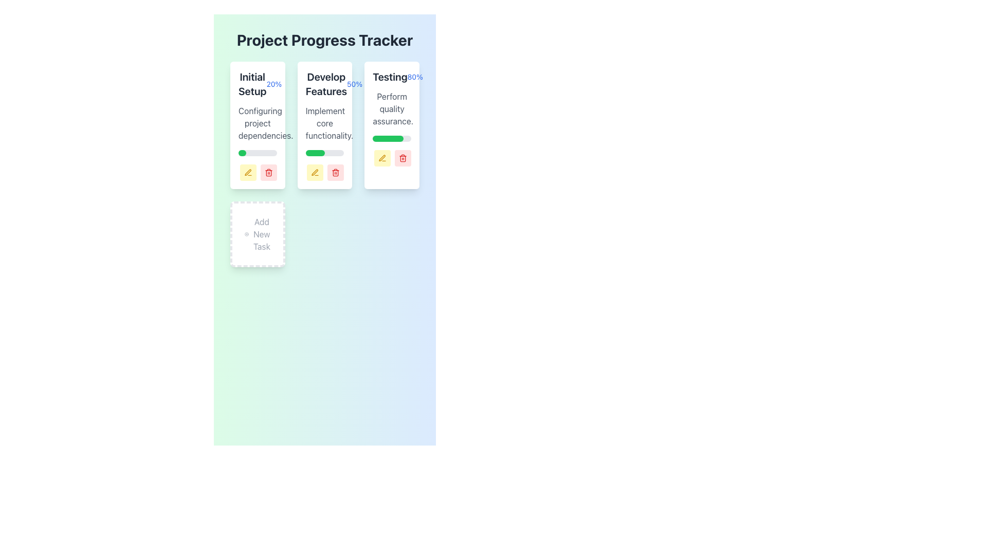  I want to click on text from the bold 'Initial Setup' label located at the top-left of the first task card in the main progress tracker layout, so click(252, 84).